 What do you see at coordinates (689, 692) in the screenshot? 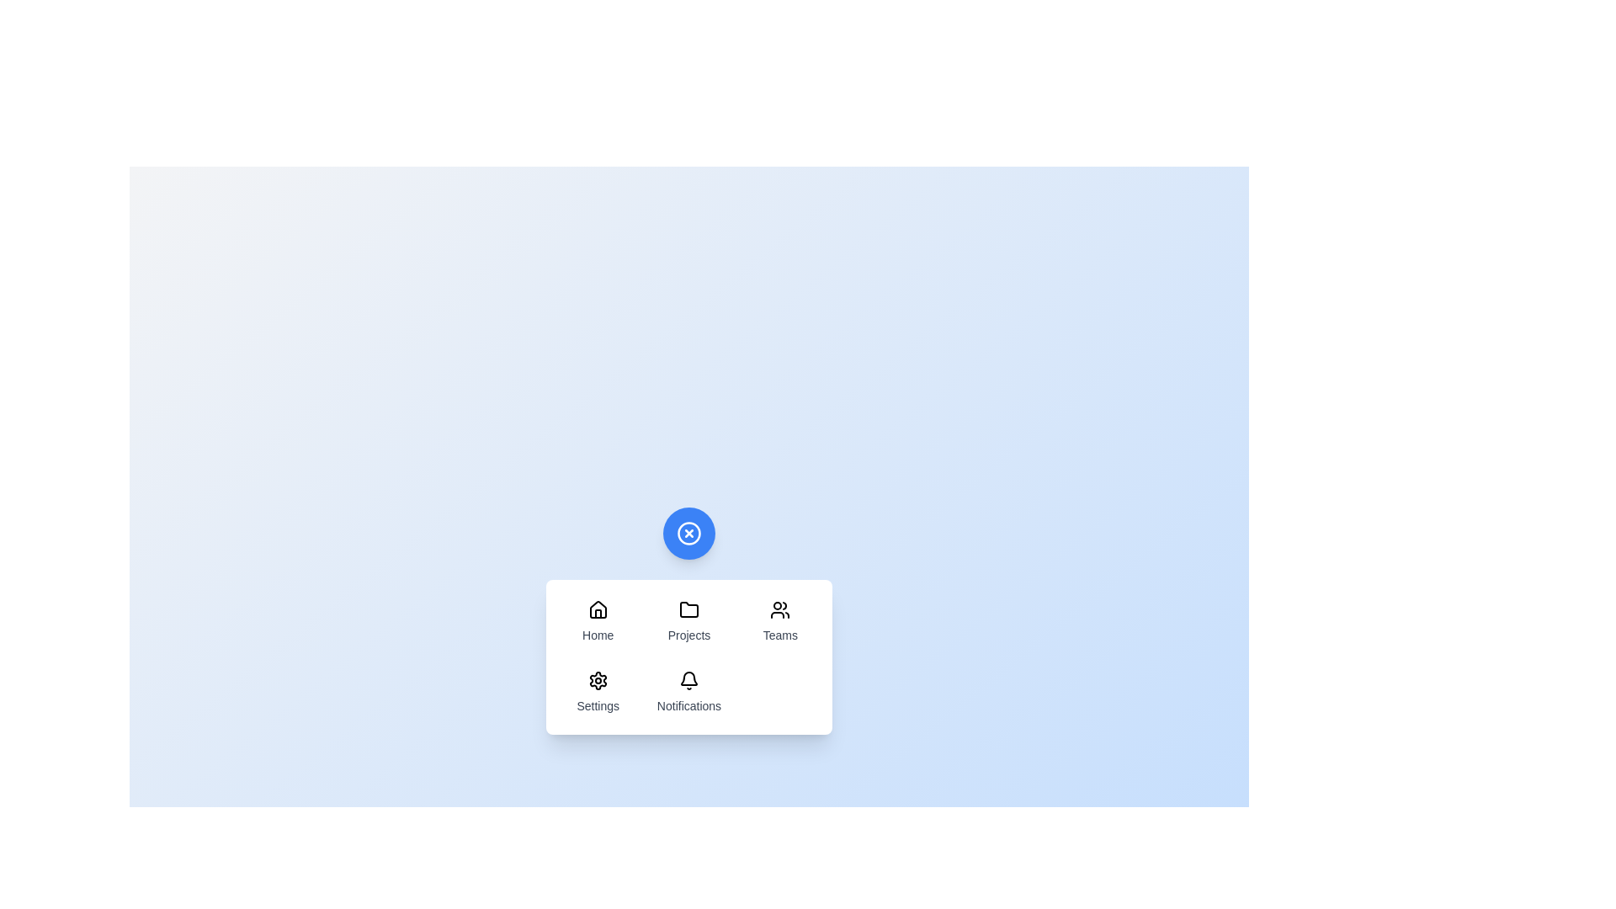
I see `the menu item labeled Notifications` at bounding box center [689, 692].